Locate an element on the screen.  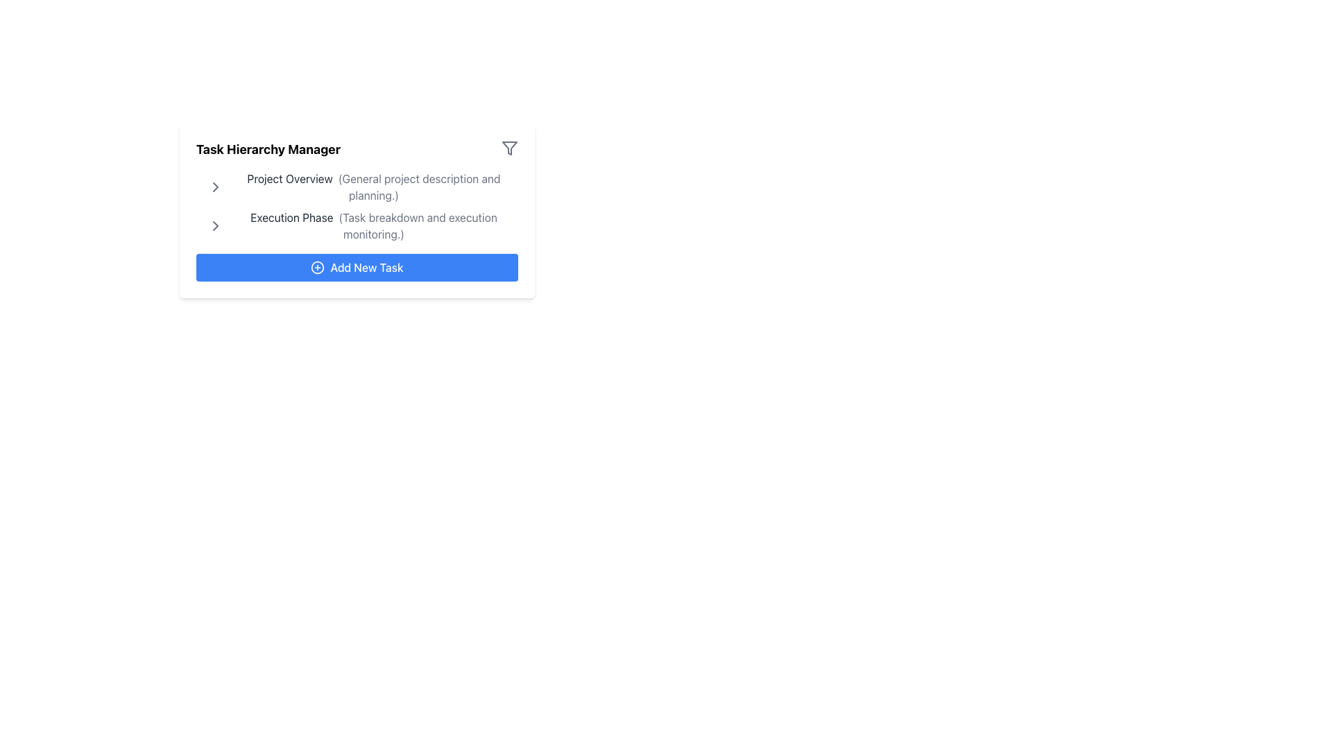
the text label reading '(General project description and planning.)', which is styled in gray and located to the right of the 'Project Overview' label under the 'Task Hierarchy Manager' header is located at coordinates (418, 187).